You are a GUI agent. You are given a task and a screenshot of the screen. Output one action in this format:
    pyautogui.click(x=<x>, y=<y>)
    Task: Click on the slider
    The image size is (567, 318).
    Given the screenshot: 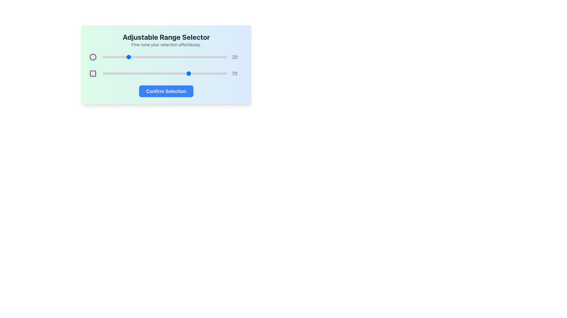 What is the action you would take?
    pyautogui.click(x=167, y=57)
    